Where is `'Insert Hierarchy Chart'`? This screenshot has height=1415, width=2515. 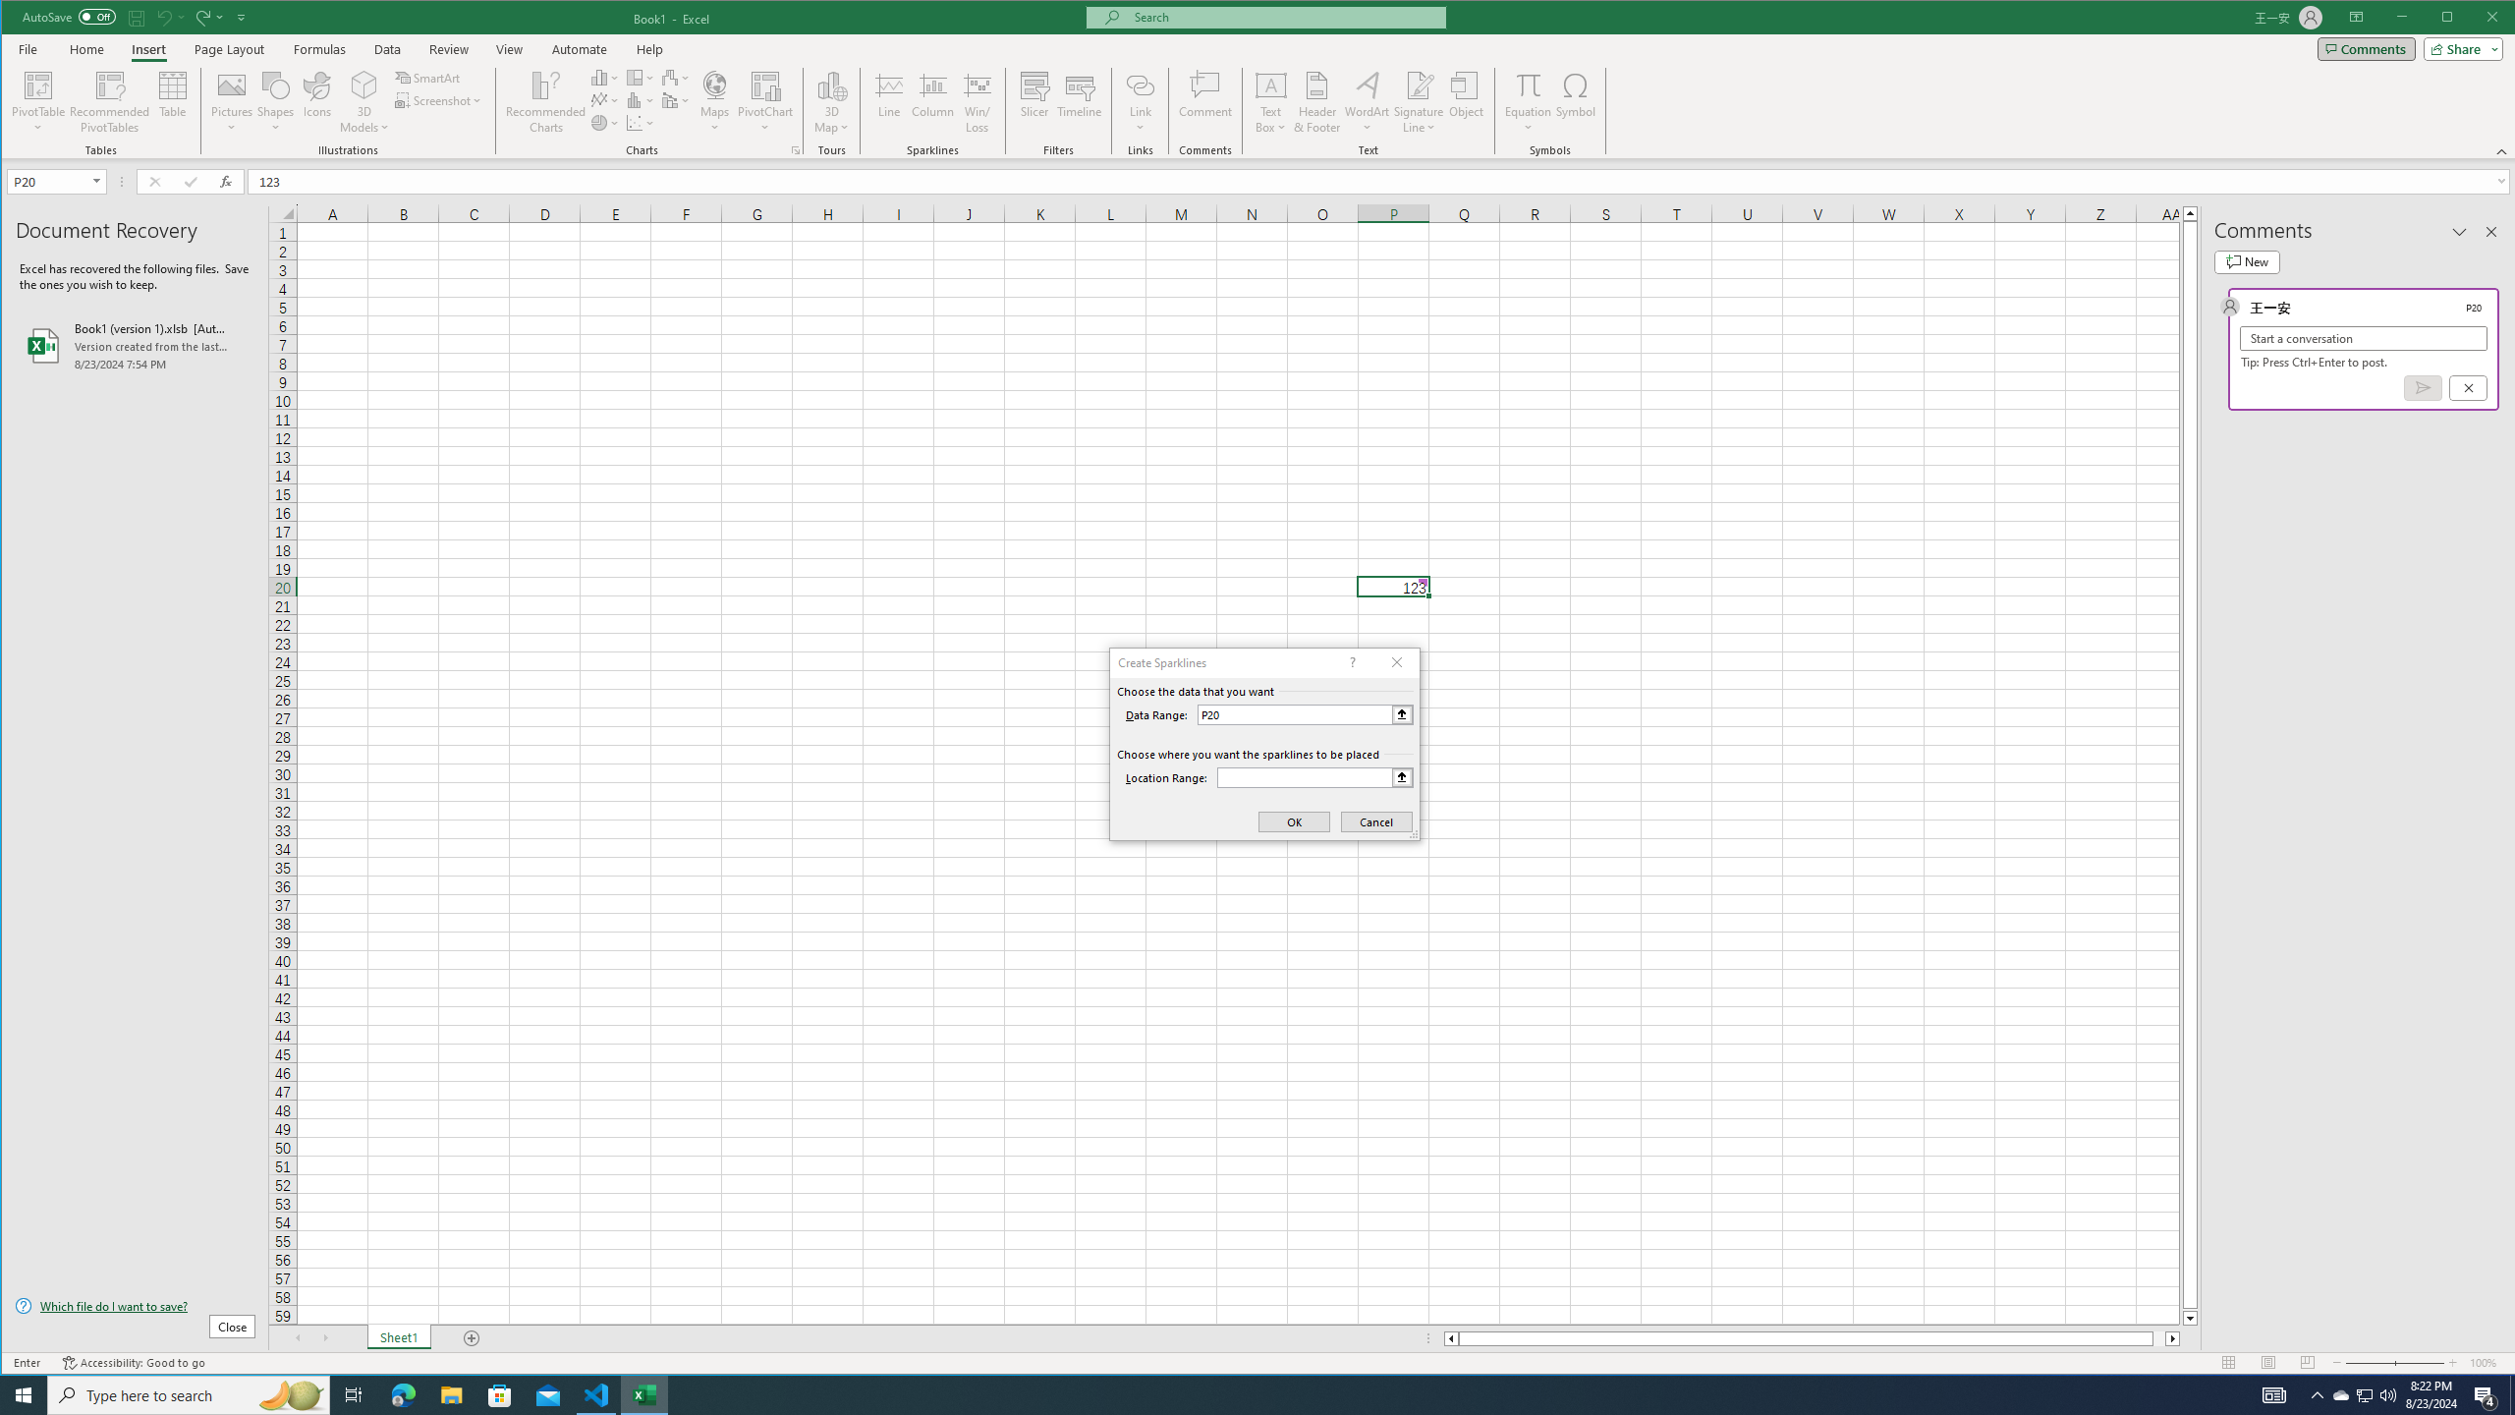
'Insert Hierarchy Chart' is located at coordinates (641, 77).